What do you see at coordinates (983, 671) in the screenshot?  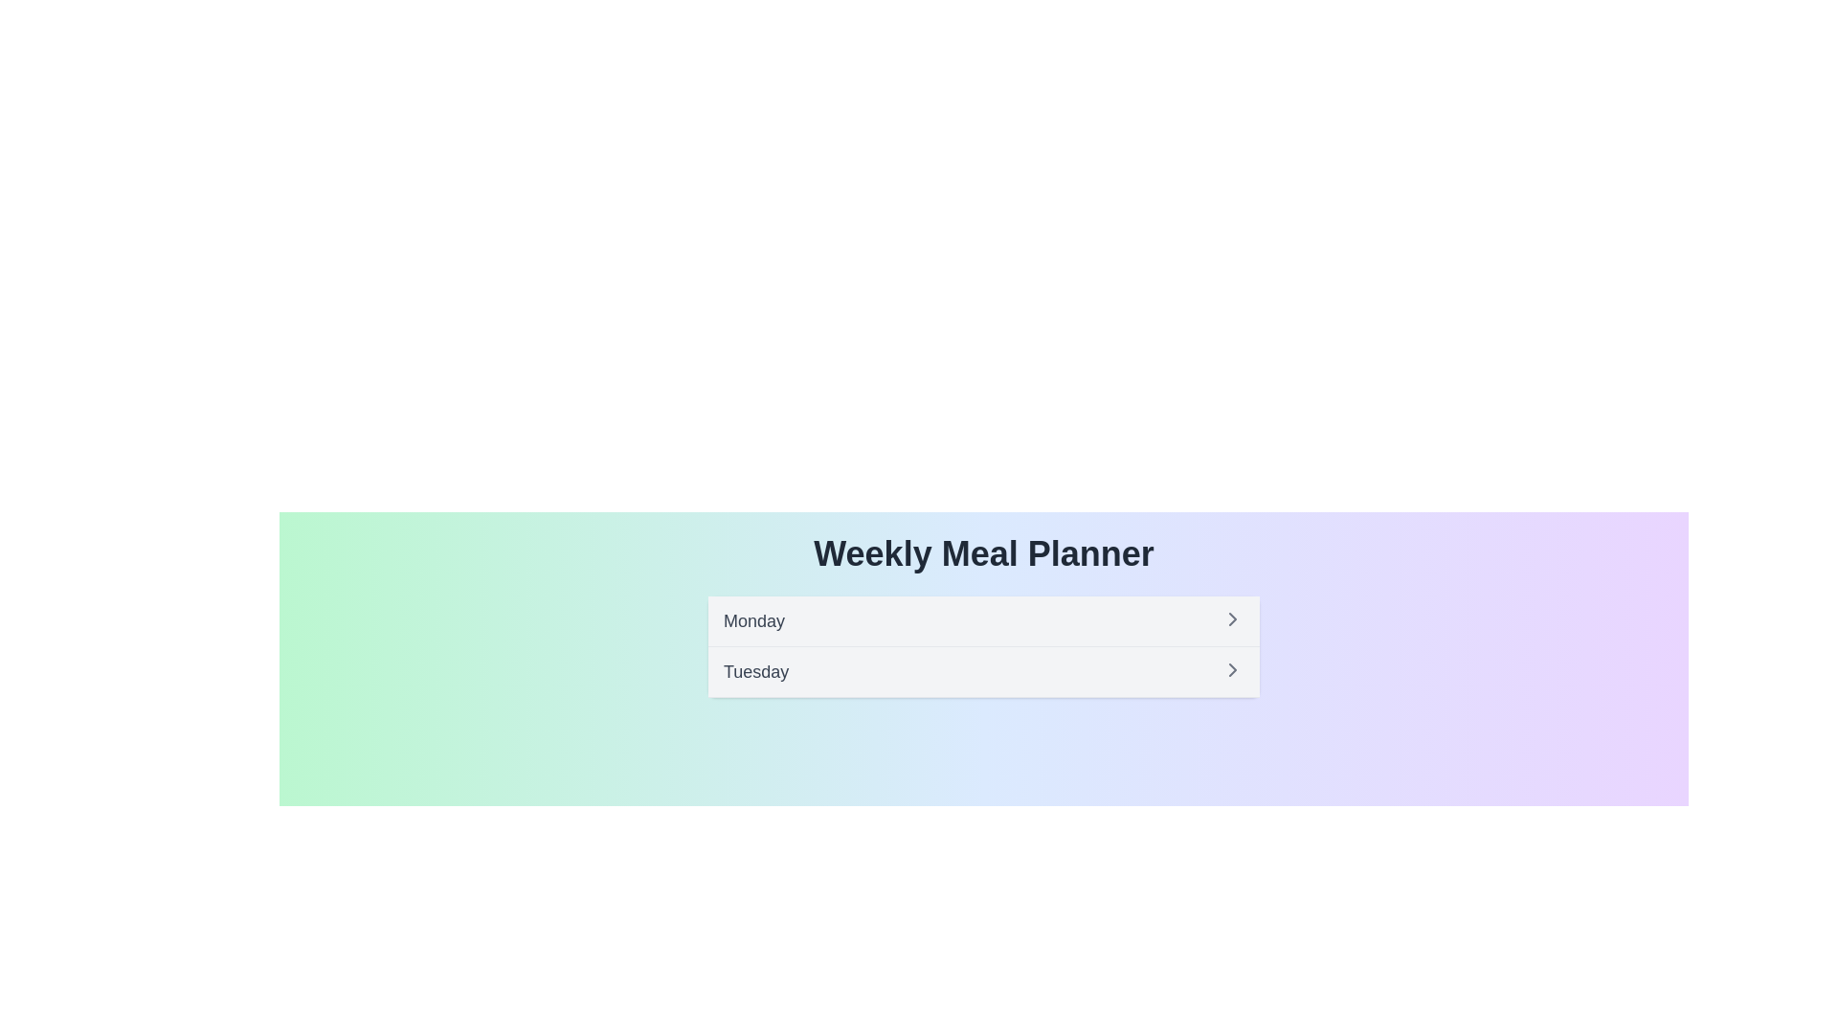 I see `the 'Tuesday' button in the Weekly Meal Planner` at bounding box center [983, 671].